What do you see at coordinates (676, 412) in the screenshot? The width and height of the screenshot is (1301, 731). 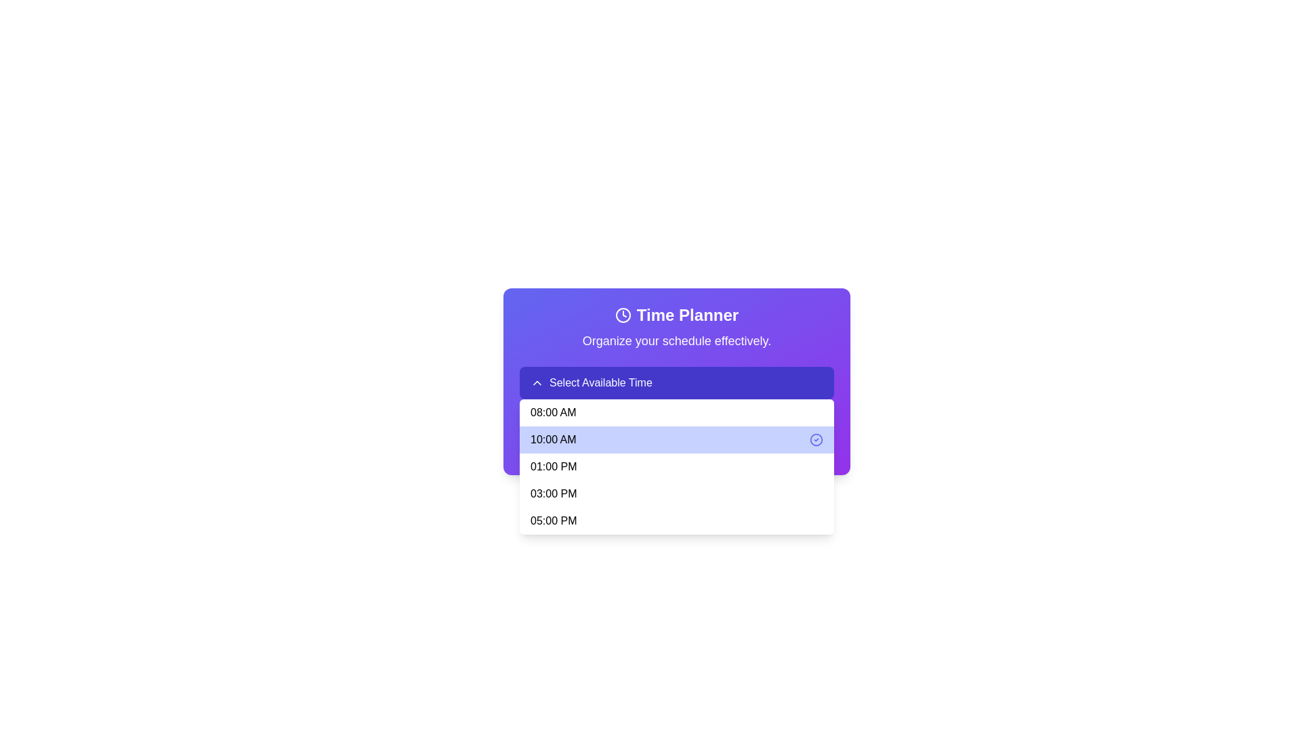 I see `the selectable dropdown list item representing the time slot '08:00 AM'` at bounding box center [676, 412].